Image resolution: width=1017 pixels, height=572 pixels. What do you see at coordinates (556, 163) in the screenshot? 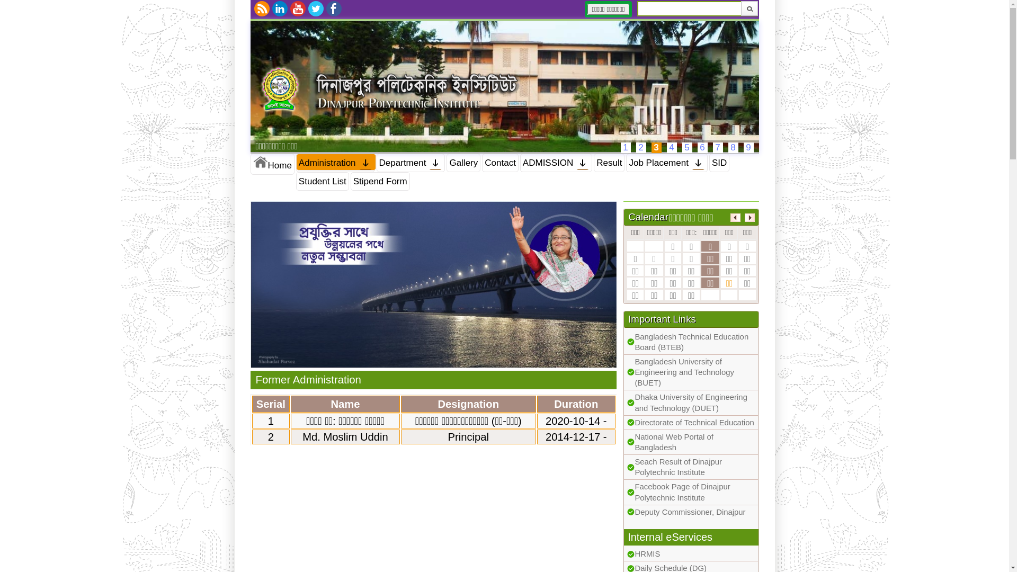
I see `'ADMISSION'` at bounding box center [556, 163].